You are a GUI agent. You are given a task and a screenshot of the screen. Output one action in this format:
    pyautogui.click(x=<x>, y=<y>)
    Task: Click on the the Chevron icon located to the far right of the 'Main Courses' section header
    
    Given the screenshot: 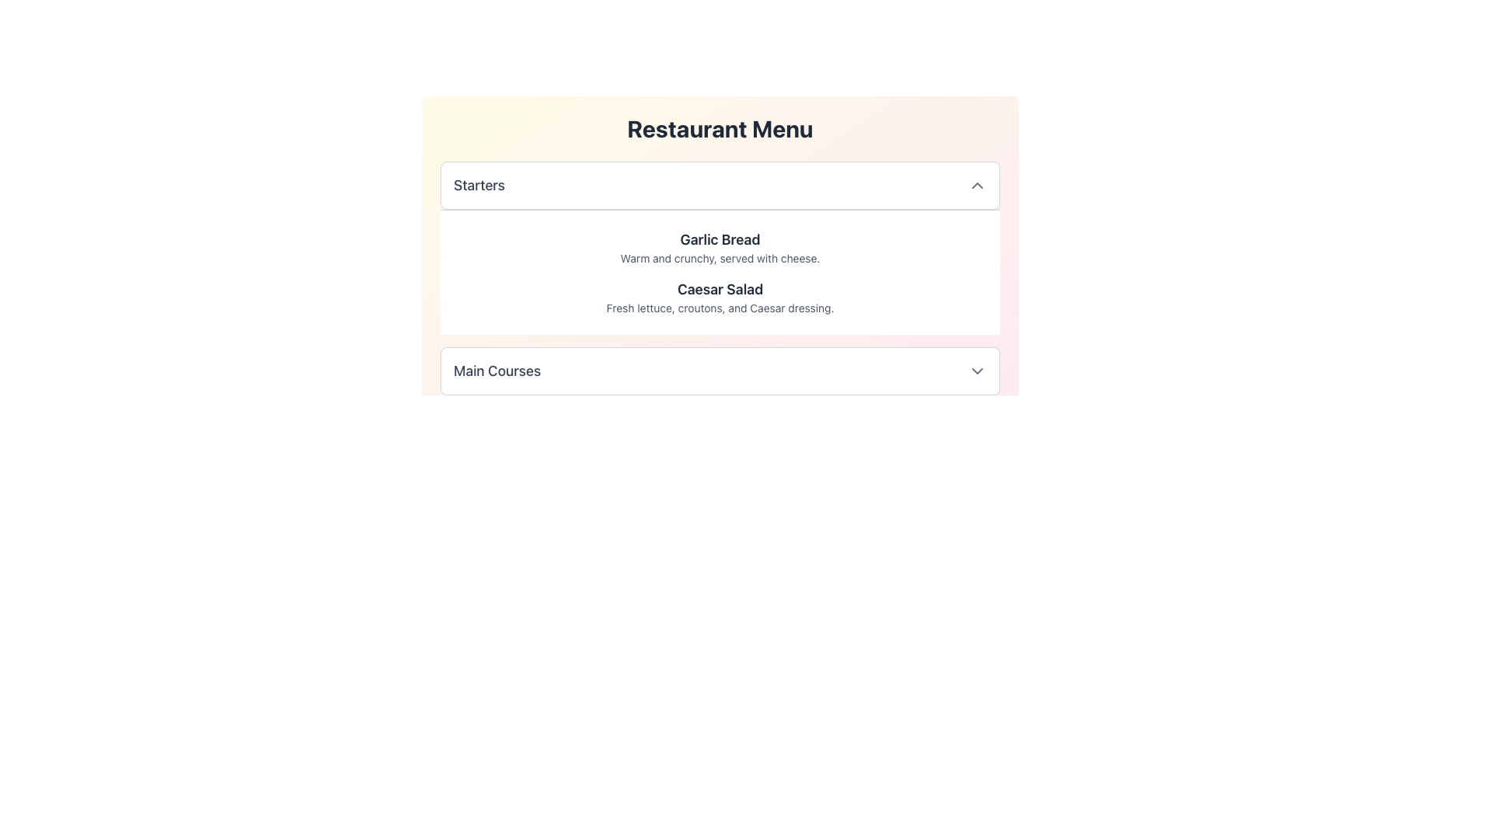 What is the action you would take?
    pyautogui.click(x=976, y=371)
    